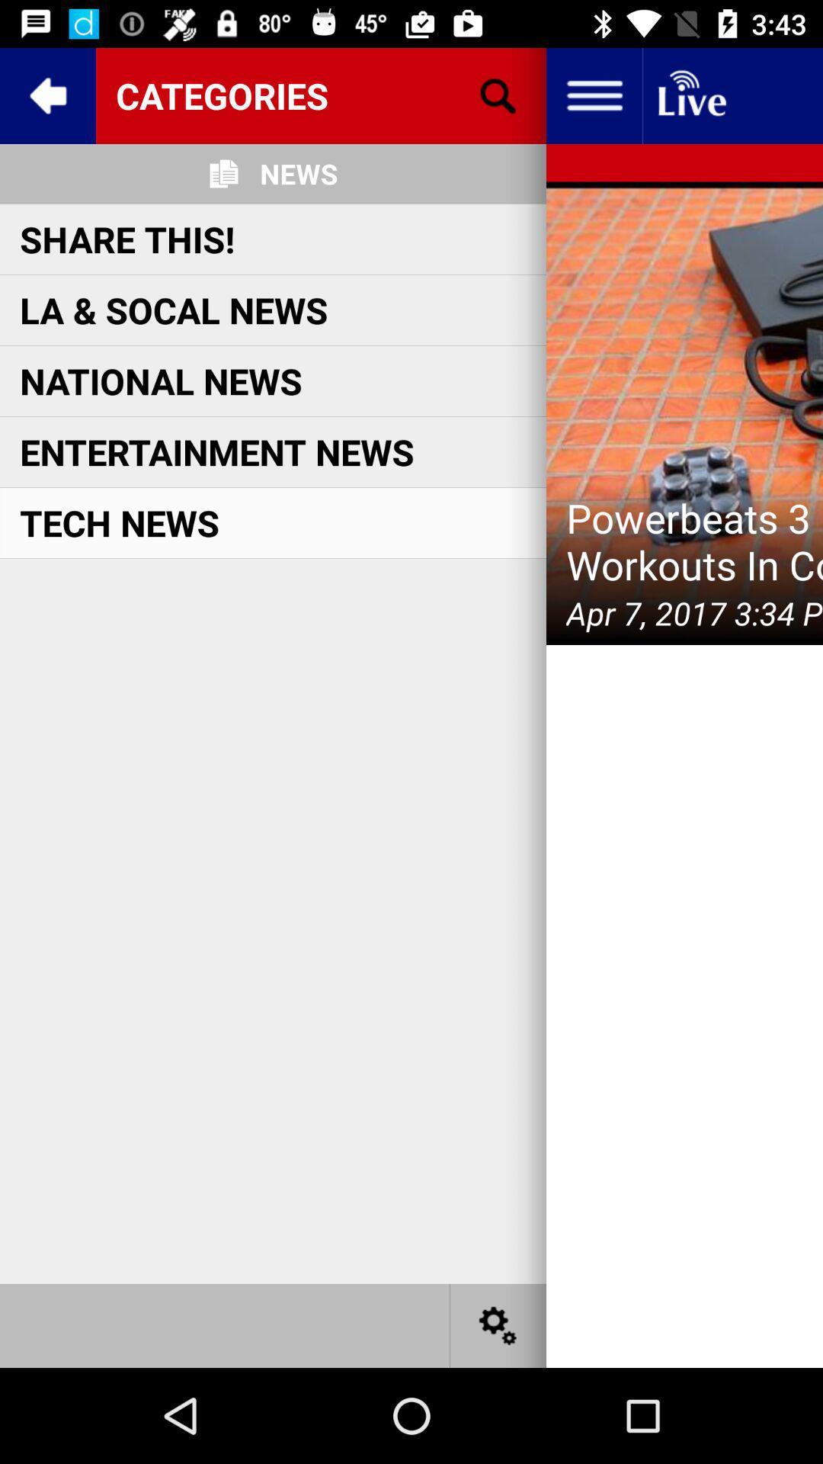  What do you see at coordinates (690, 95) in the screenshot?
I see `live news` at bounding box center [690, 95].